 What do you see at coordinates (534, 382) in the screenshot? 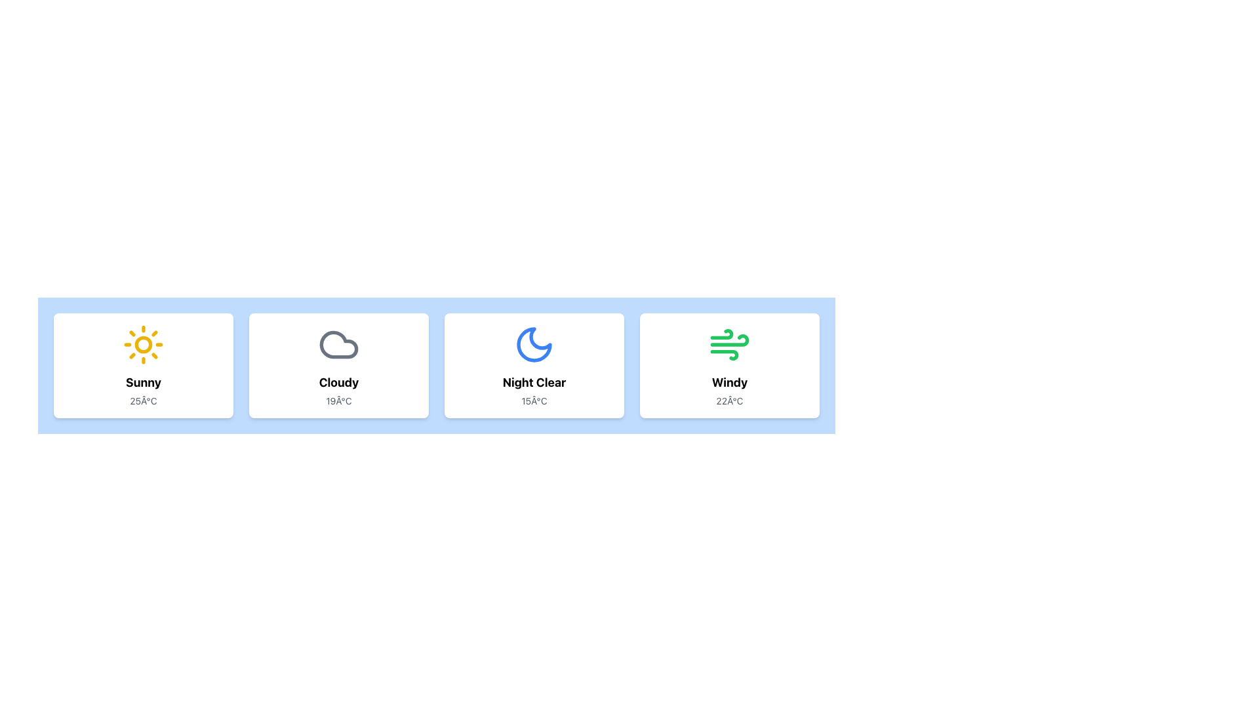
I see `the text label for the weather condition titled 'Night Clear', which is the third title in a horizontal list of weather cards, positioned below a crescent moon icon and above the temperature text '15°C'` at bounding box center [534, 382].